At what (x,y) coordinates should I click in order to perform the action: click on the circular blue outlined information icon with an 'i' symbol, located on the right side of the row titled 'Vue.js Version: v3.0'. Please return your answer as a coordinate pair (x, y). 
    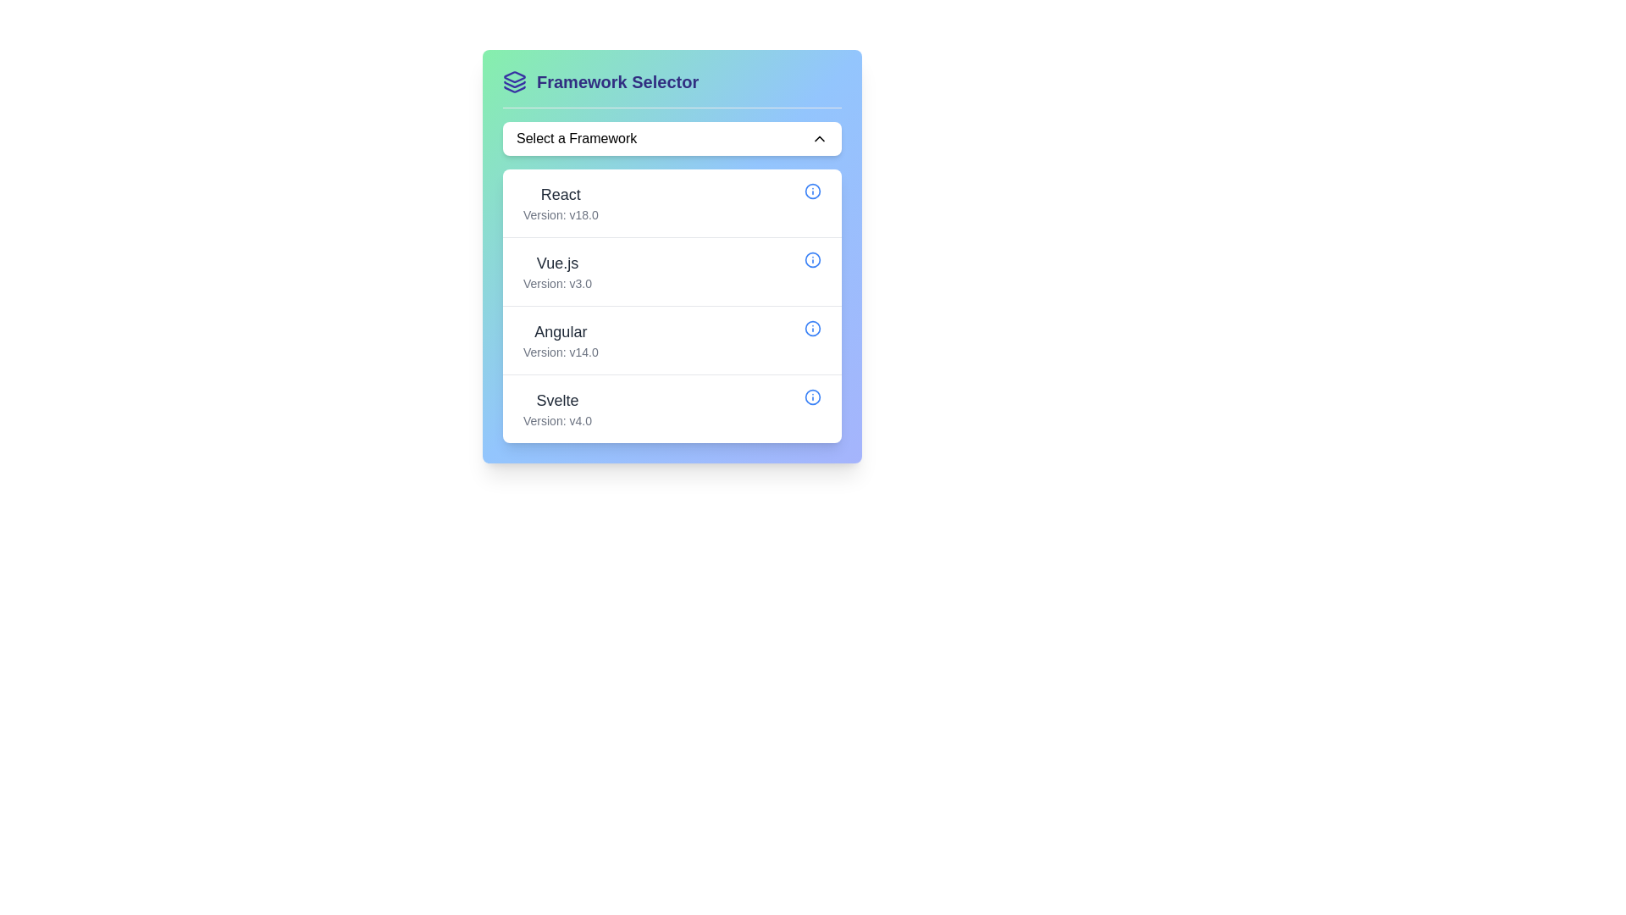
    Looking at the image, I should click on (813, 260).